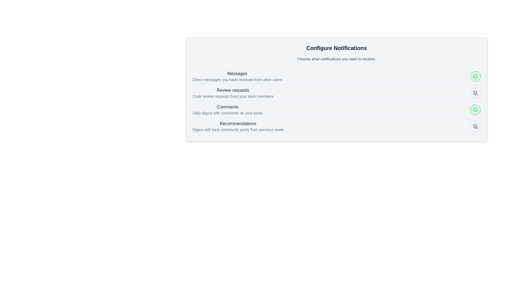 The image size is (525, 295). I want to click on the informational text located beneath the 'Messages' header in the 'Configure Notifications' section of the notification settings interface, so click(237, 80).